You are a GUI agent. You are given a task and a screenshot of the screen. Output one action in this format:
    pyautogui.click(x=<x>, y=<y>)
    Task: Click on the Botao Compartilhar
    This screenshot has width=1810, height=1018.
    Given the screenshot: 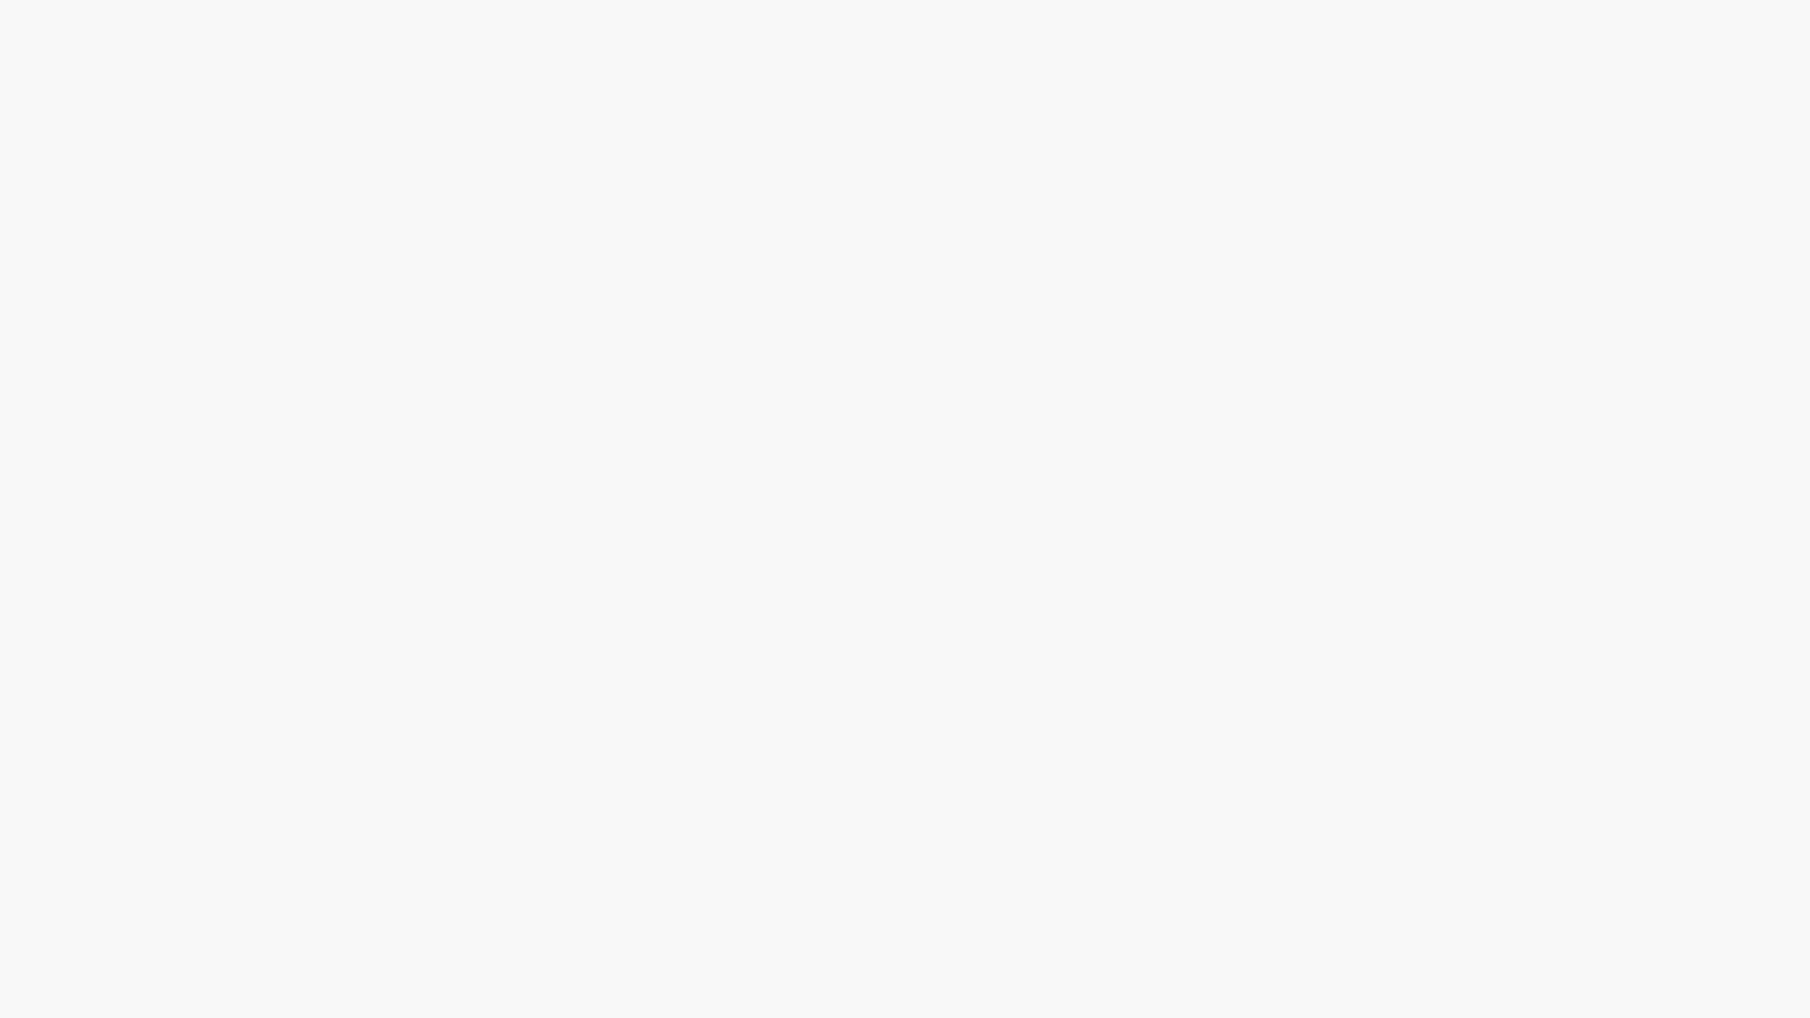 What is the action you would take?
    pyautogui.click(x=872, y=534)
    